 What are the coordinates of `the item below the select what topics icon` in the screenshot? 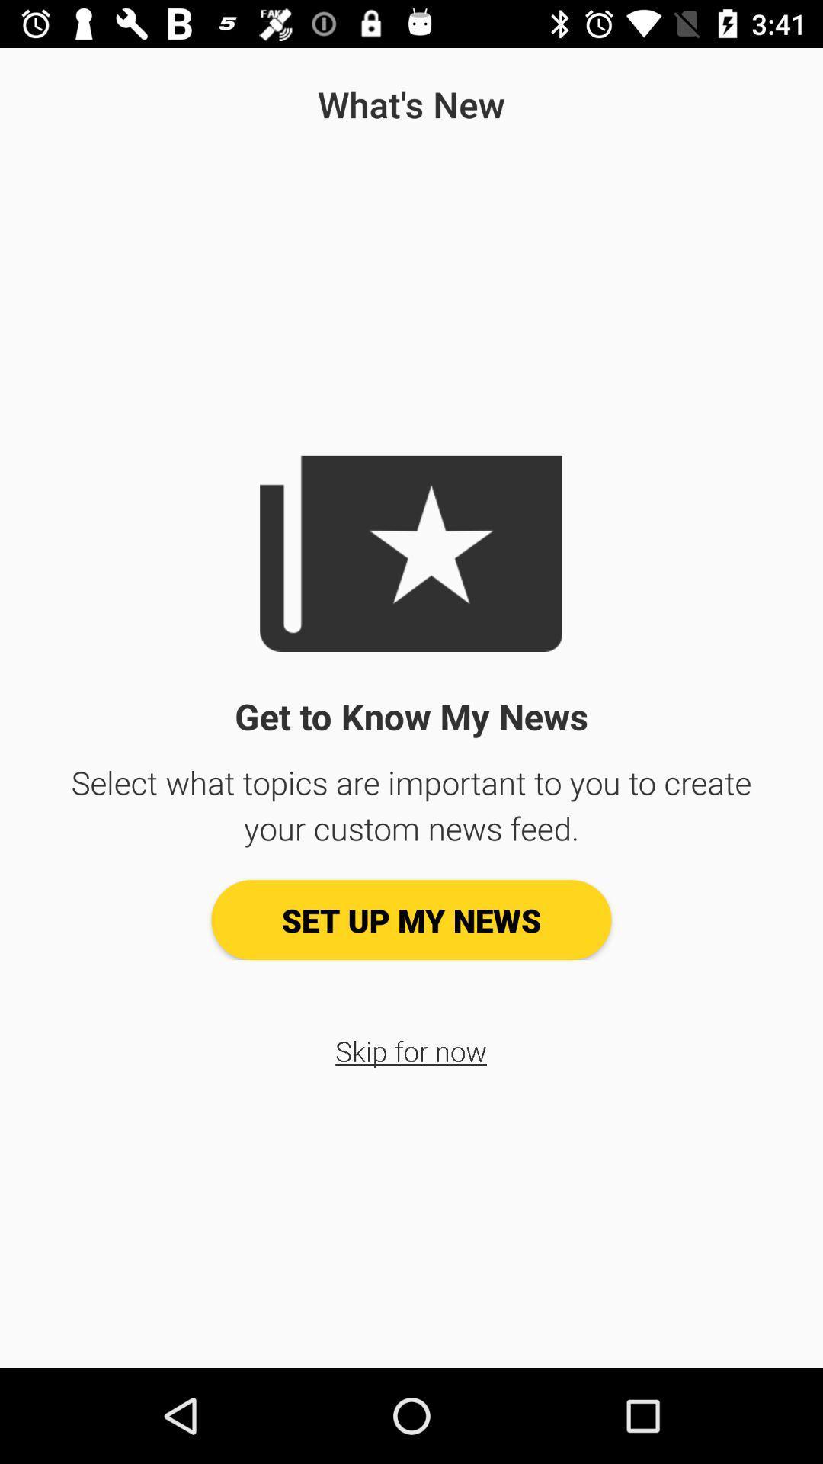 It's located at (411, 919).